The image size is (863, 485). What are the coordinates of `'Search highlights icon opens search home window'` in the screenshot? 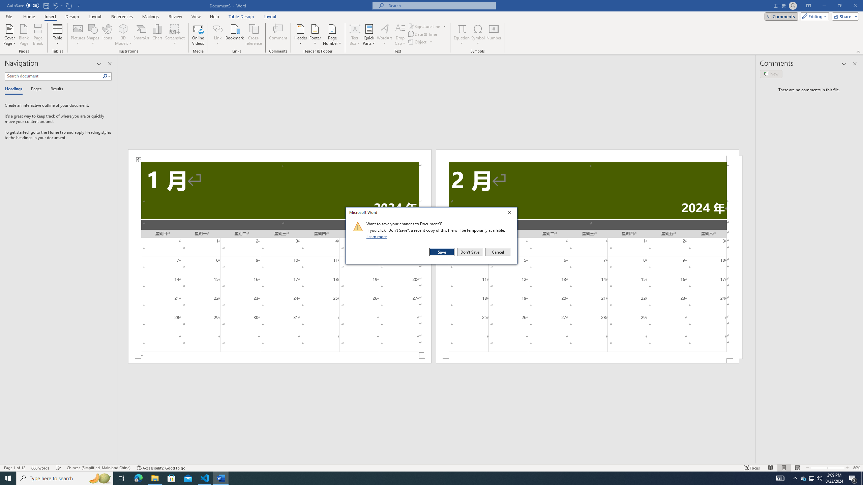 It's located at (99, 478).